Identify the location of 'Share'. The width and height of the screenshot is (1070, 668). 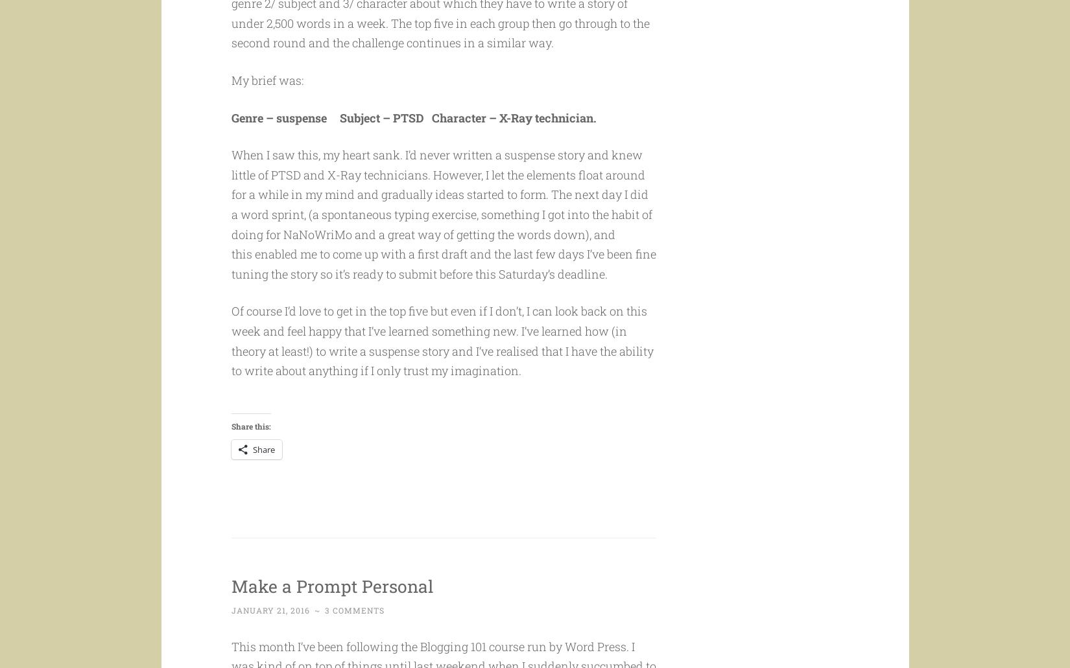
(263, 474).